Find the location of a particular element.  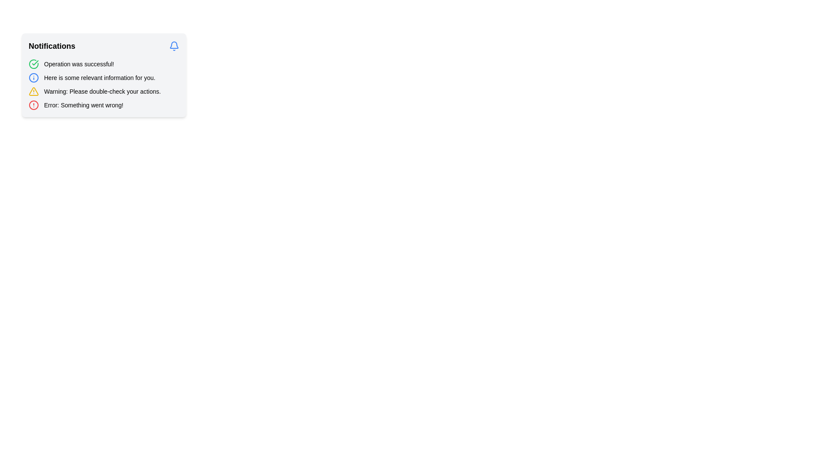

the warning icon located on the left side of the third notification item in the vertical list of messages within the notification panel is located at coordinates (33, 91).